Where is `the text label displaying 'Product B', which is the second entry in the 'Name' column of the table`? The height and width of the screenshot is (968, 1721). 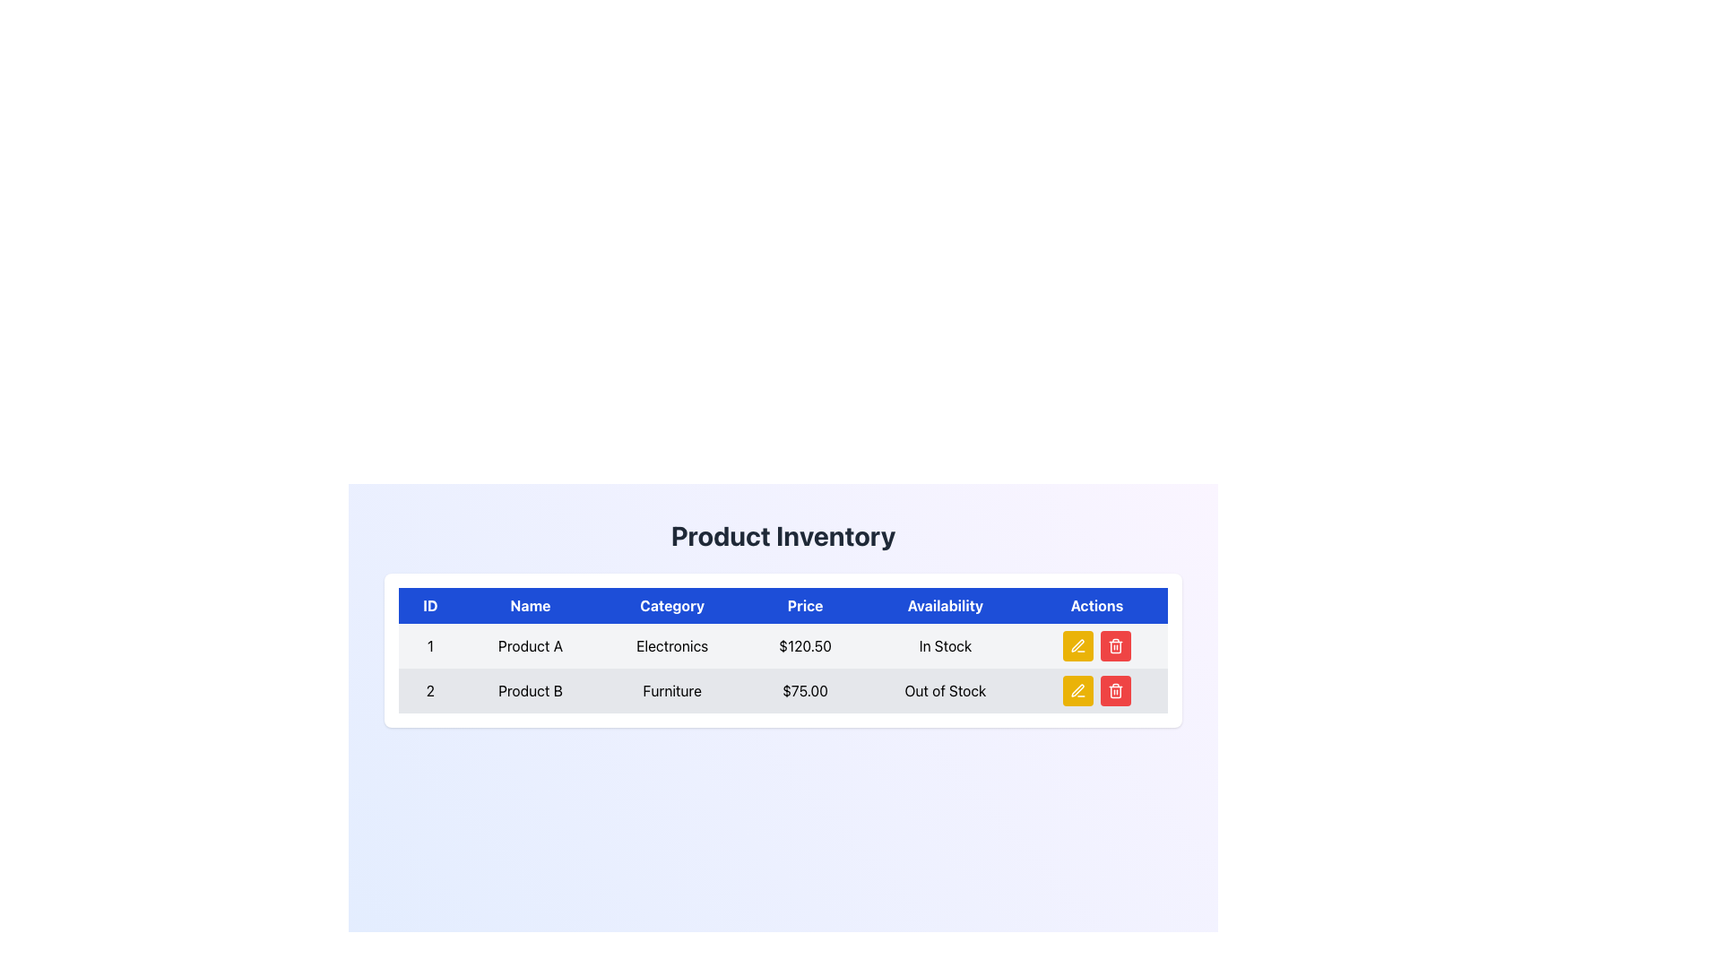 the text label displaying 'Product B', which is the second entry in the 'Name' column of the table is located at coordinates (529, 690).